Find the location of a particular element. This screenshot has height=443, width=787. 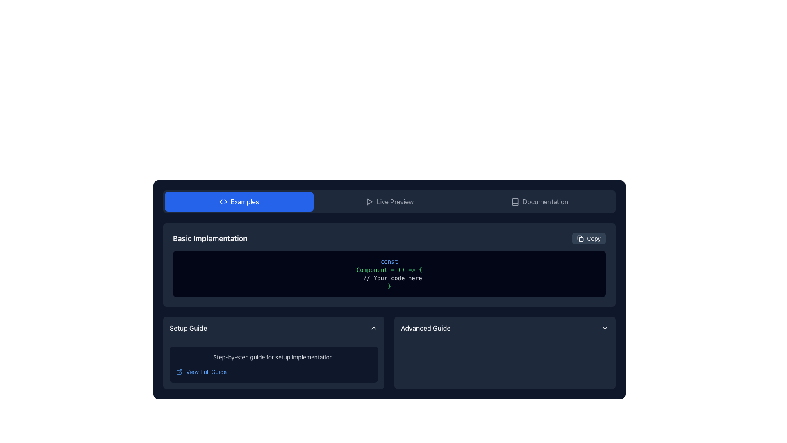

the rectangular button with rounded corners, blue background, icon resembling angled brackets ('<>'), and the text 'Examples' is located at coordinates (239, 202).